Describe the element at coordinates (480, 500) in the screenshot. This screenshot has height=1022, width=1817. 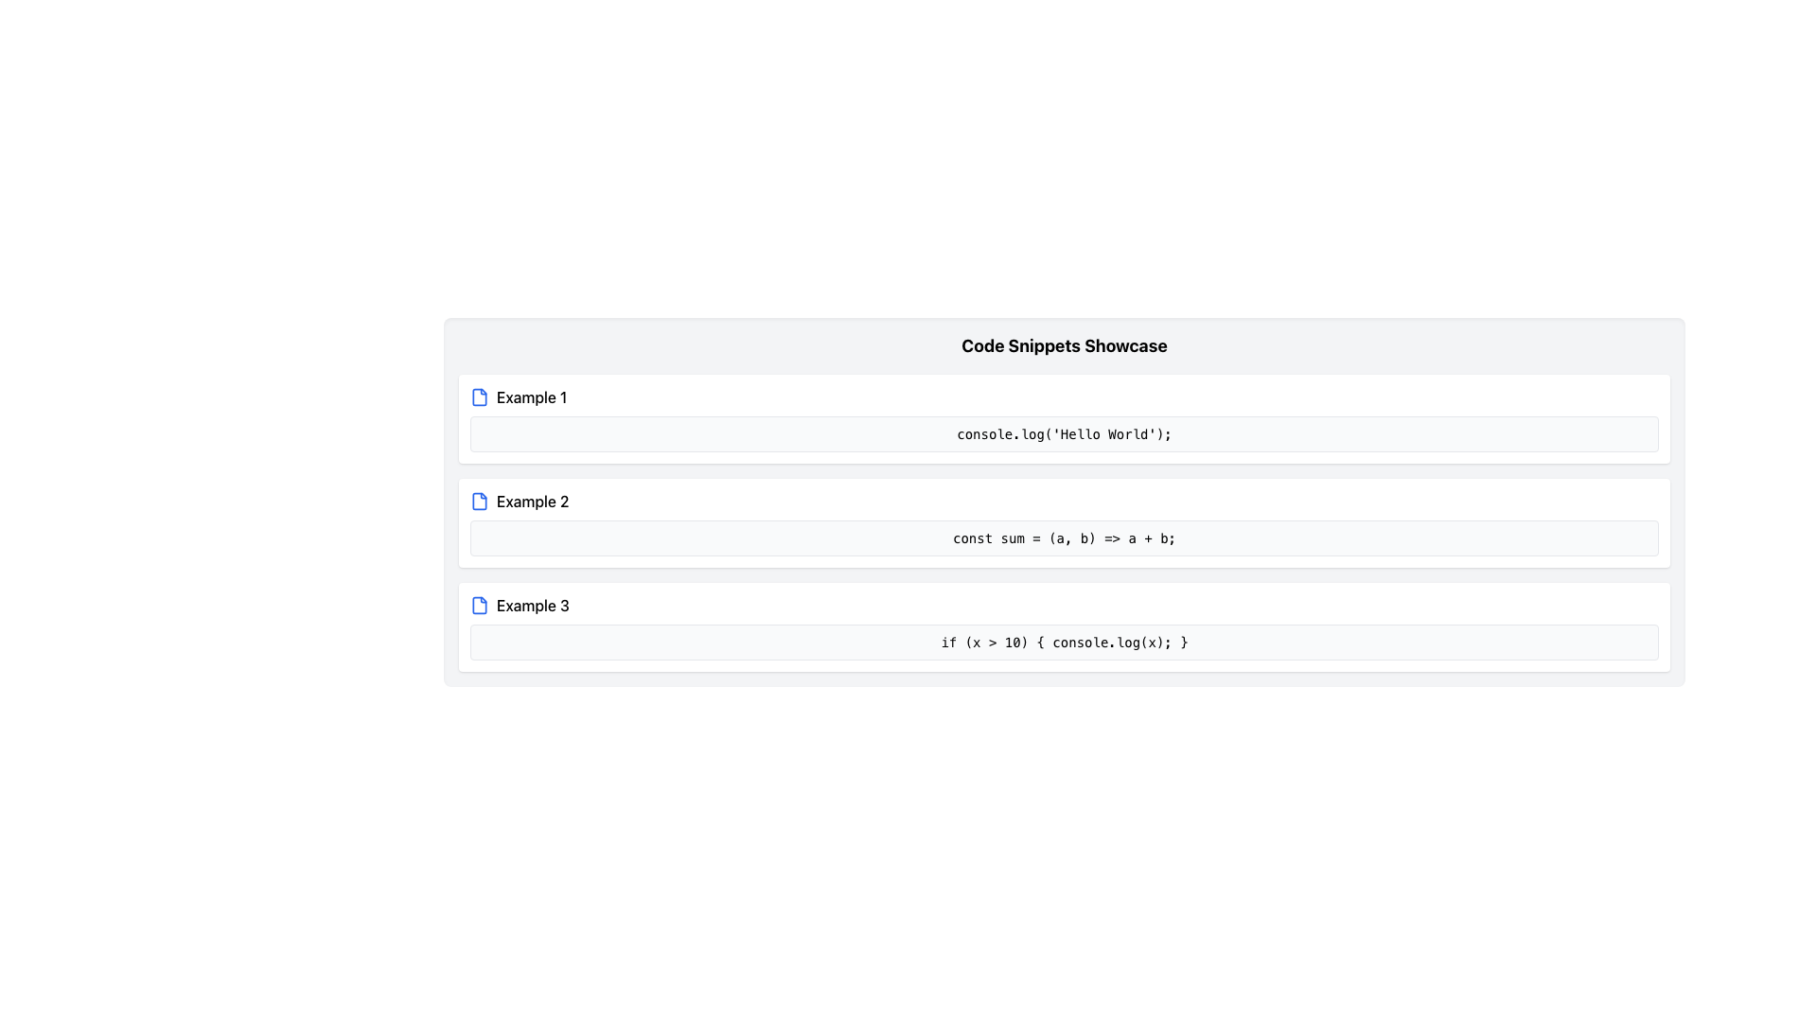
I see `the small rectangular icon resembling a document or file, which has a blue outline and white fill, located to the left of the text 'Example 2'` at that location.